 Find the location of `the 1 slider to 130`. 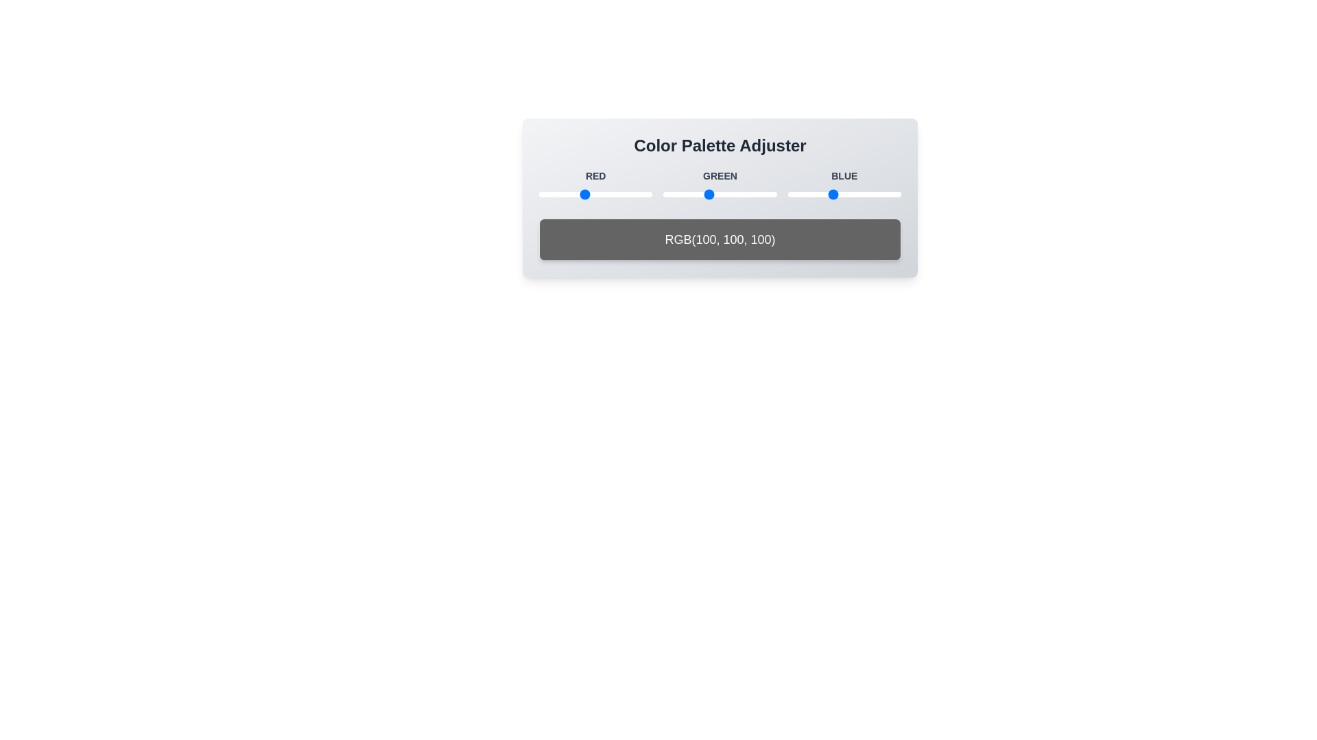

the 1 slider to 130 is located at coordinates (597, 195).